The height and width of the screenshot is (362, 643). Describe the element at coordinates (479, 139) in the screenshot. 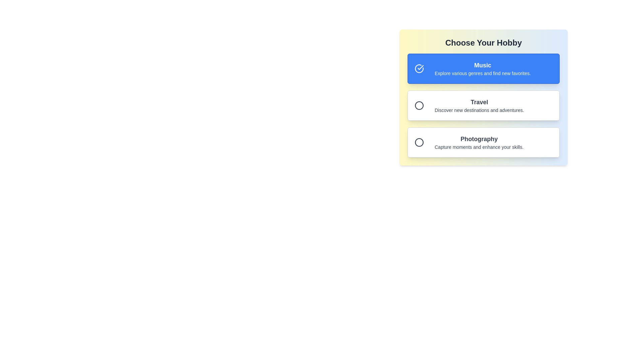

I see `text label displaying 'Photography' which is prominently styled and positioned centrally within its selectable box` at that location.